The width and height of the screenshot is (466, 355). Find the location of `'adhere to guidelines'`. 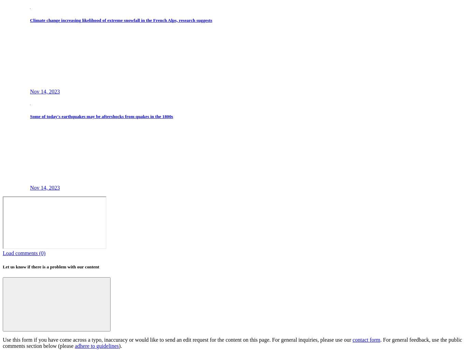

'adhere to guidelines' is located at coordinates (74, 345).